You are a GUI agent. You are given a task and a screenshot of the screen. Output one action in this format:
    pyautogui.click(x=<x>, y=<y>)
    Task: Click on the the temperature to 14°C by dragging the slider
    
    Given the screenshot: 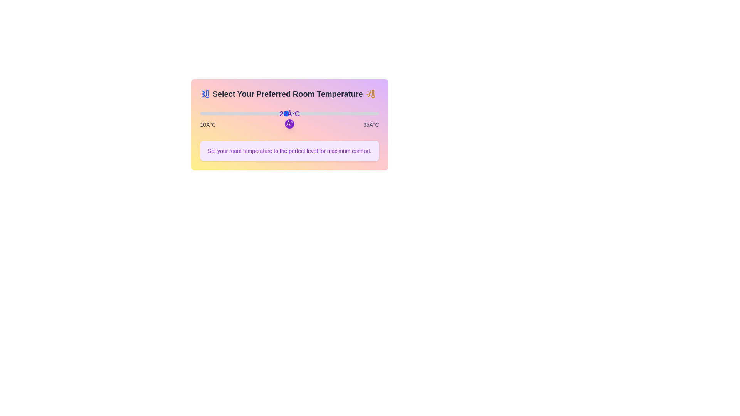 What is the action you would take?
    pyautogui.click(x=228, y=113)
    